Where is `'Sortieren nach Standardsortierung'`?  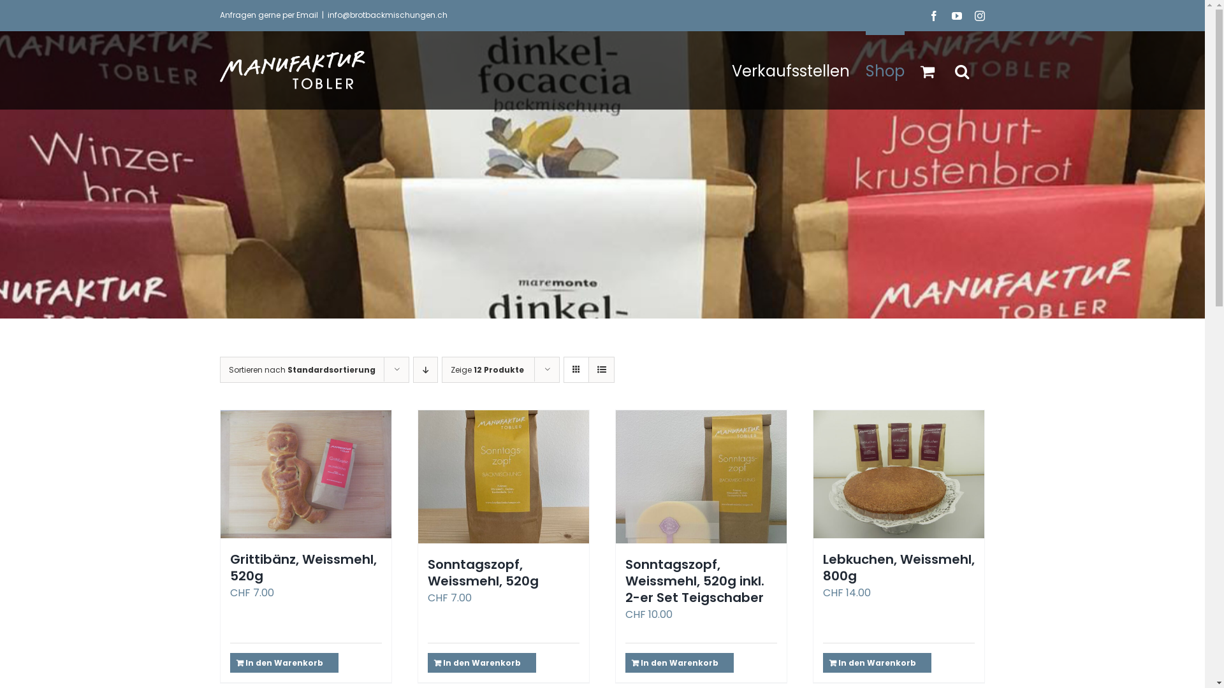 'Sortieren nach Standardsortierung' is located at coordinates (302, 369).